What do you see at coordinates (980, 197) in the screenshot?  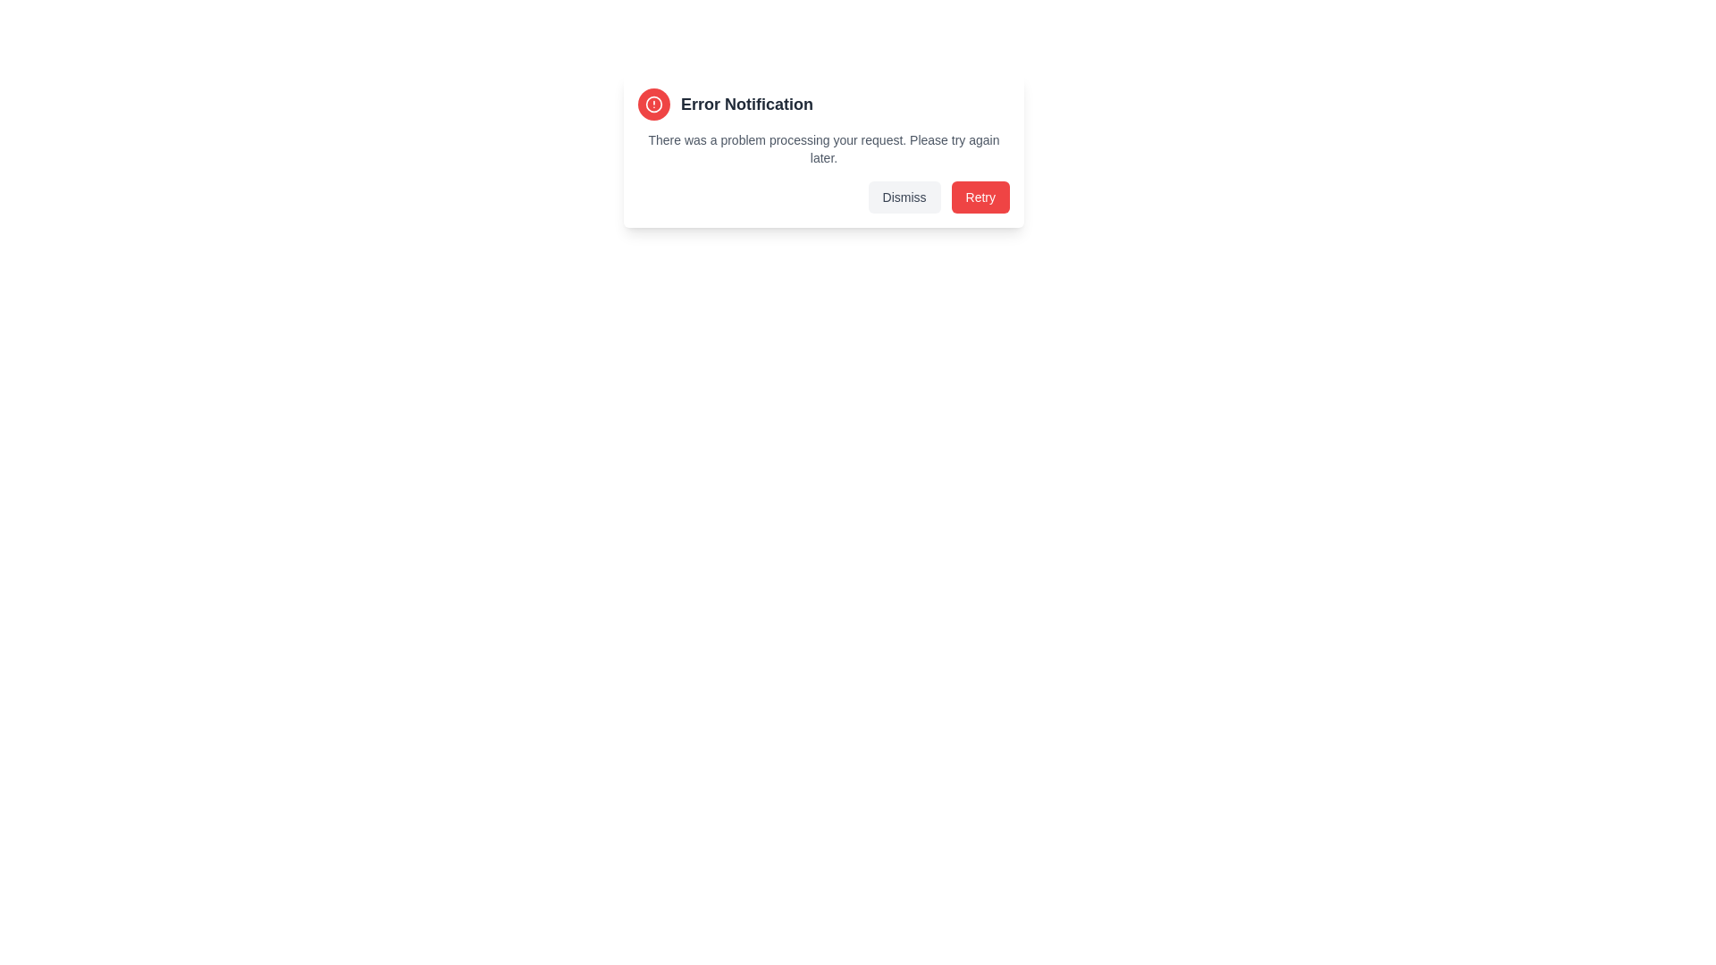 I see `the 'Retry' button` at bounding box center [980, 197].